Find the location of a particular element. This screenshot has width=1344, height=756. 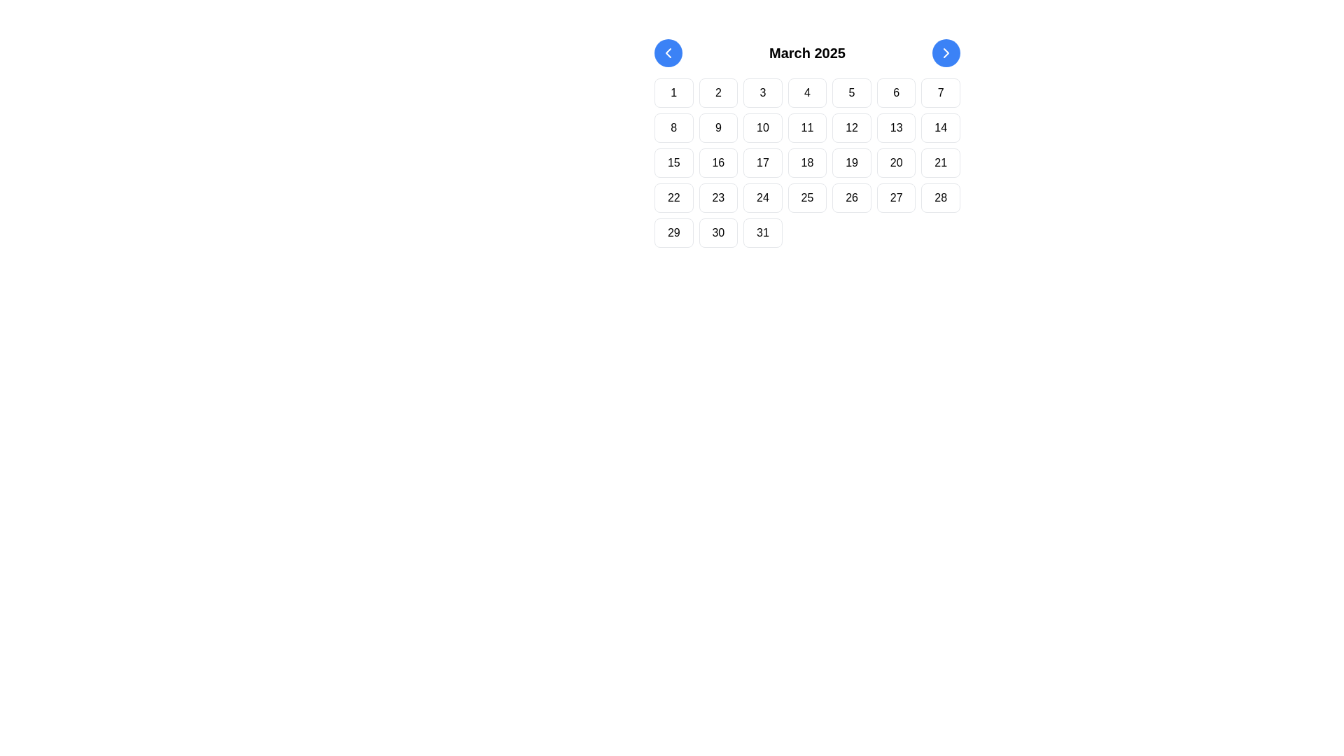

the button representing the date '2' in the calendar is located at coordinates (718, 92).